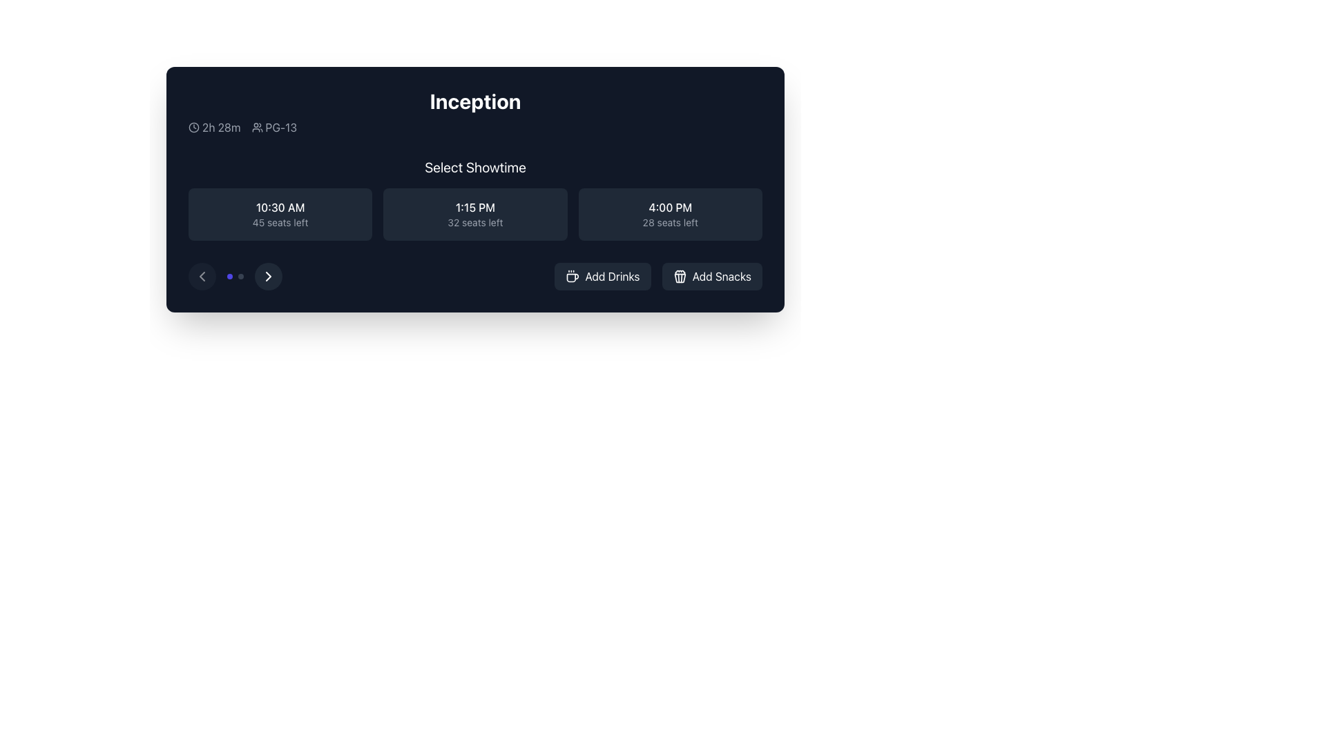 Image resolution: width=1326 pixels, height=745 pixels. I want to click on the 'Add Drinks' button located in the grouped buttons section at the bottom-right of the movie information card, so click(657, 277).